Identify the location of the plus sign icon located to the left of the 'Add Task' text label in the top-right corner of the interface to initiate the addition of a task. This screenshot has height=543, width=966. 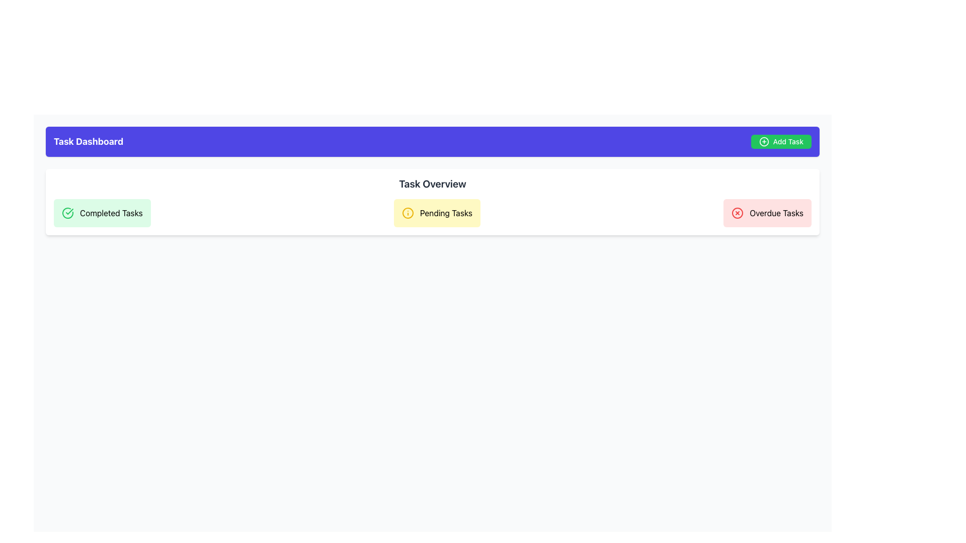
(763, 141).